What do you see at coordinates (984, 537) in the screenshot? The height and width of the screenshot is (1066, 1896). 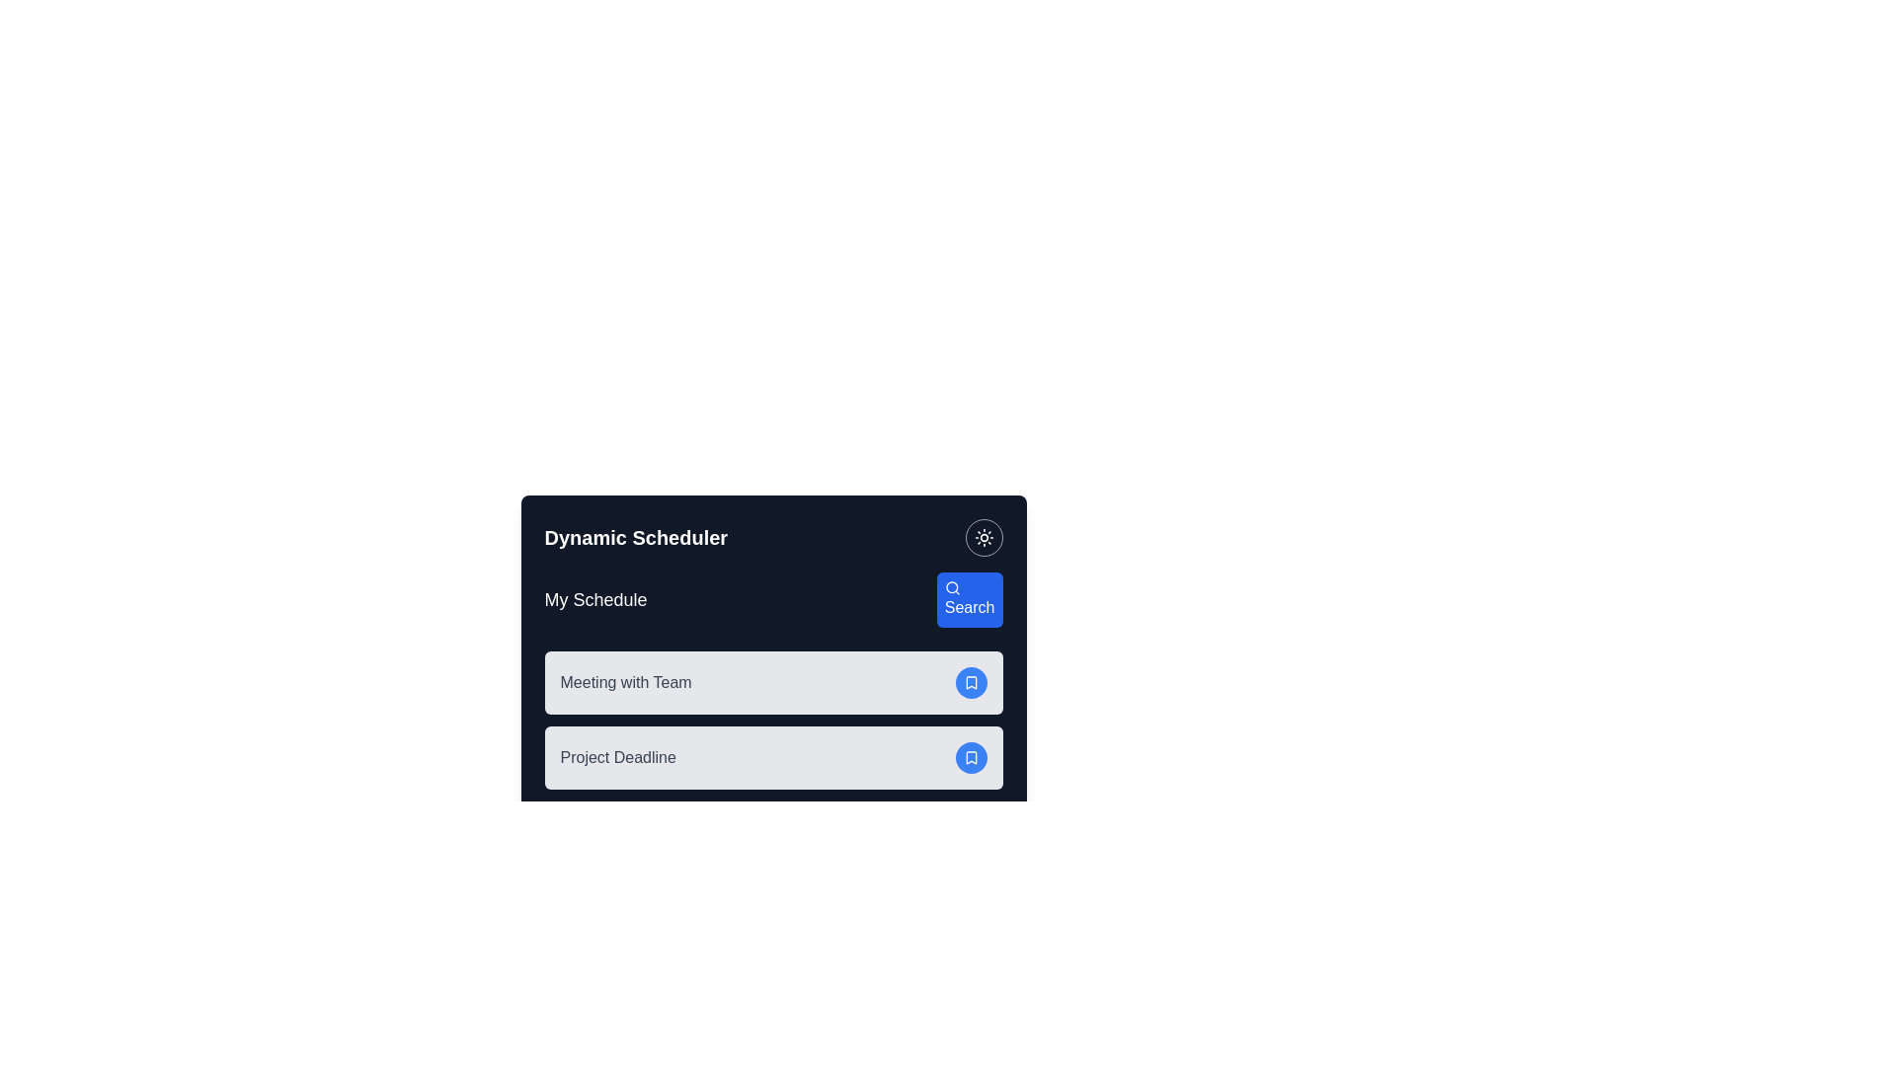 I see `the sunburst icon located at the top-right corner of the 'Dynamic Scheduler' interface` at bounding box center [984, 537].